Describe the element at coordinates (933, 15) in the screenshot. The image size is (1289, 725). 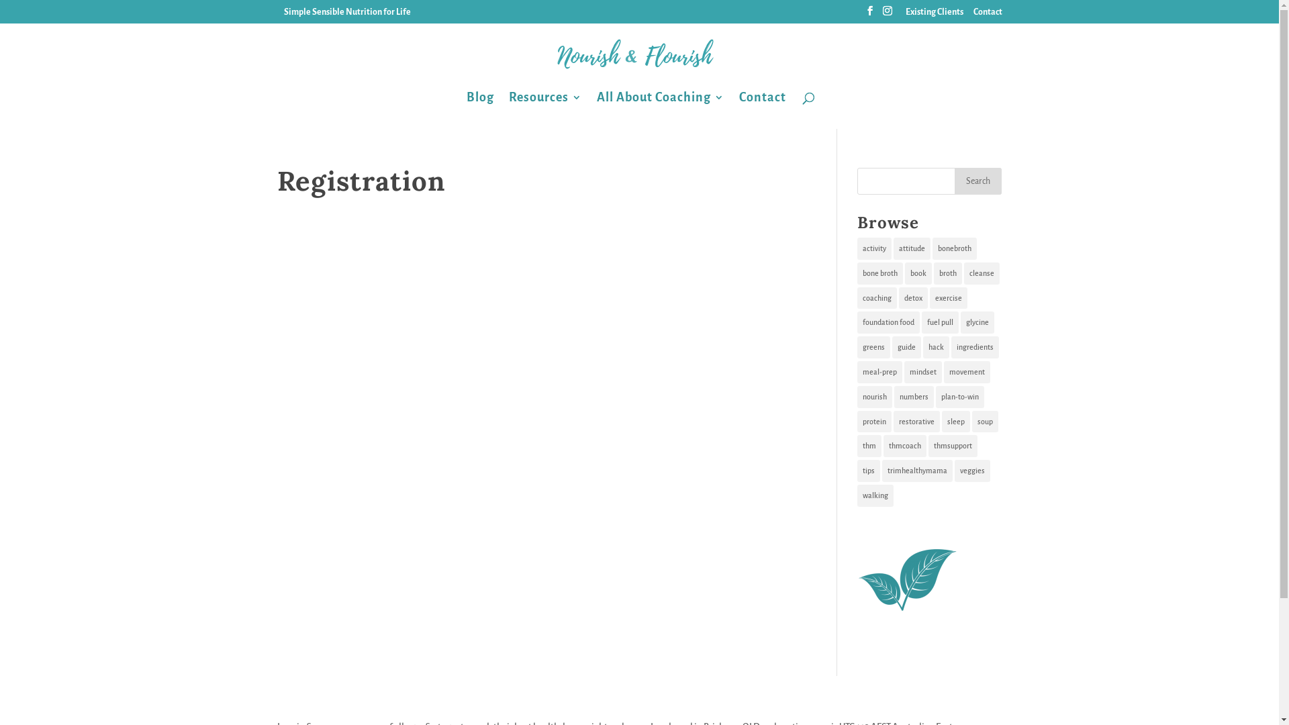
I see `'Existing Clients'` at that location.